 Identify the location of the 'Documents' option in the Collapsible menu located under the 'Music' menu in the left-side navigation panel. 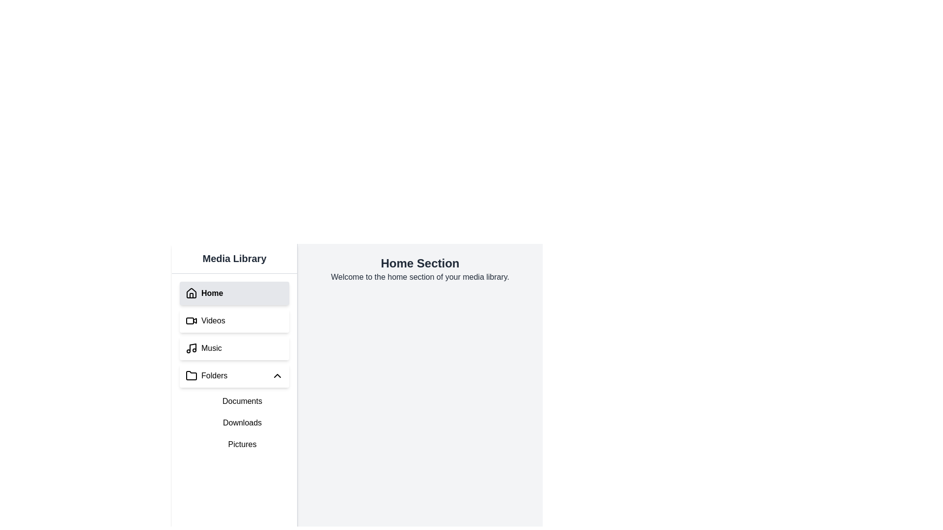
(234, 409).